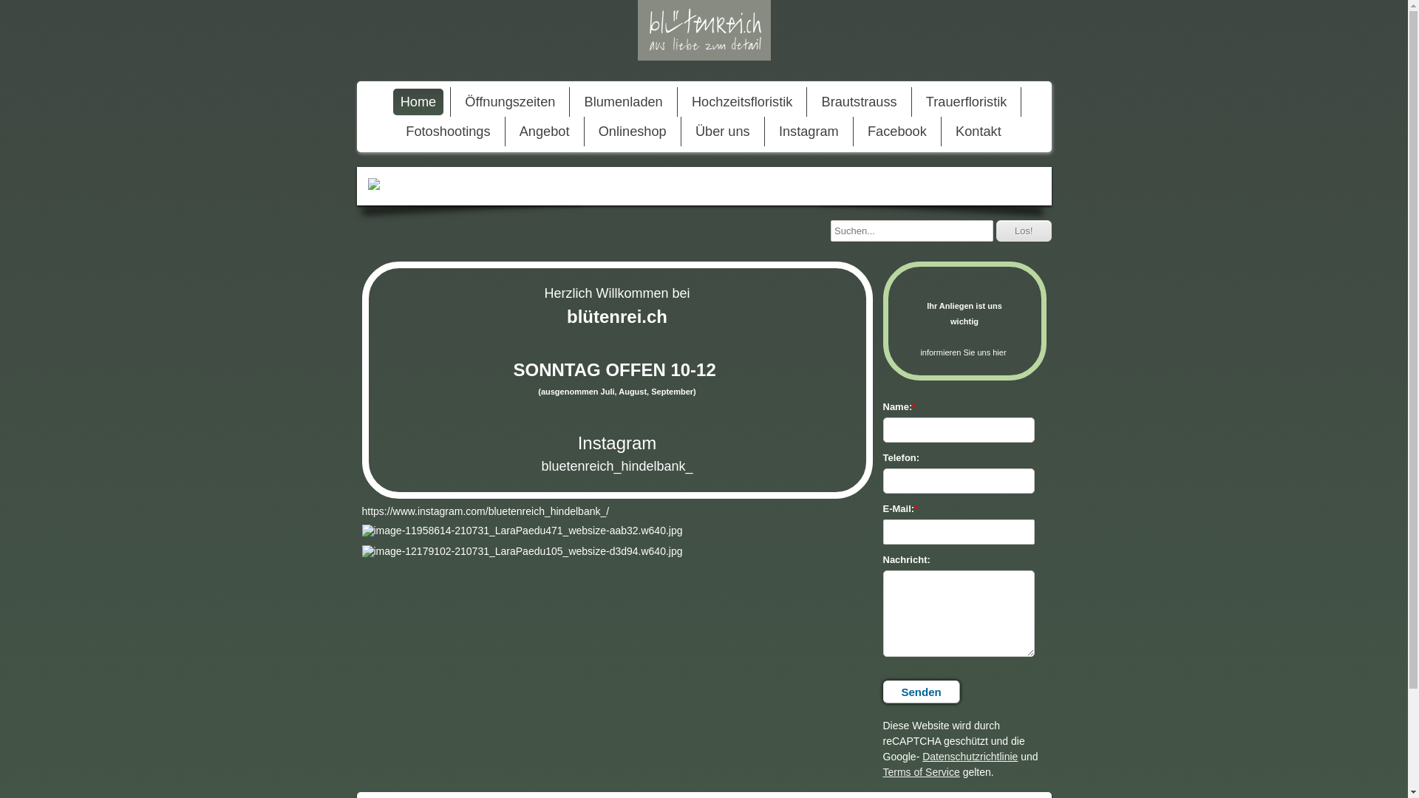 This screenshot has height=798, width=1419. Describe the element at coordinates (966, 101) in the screenshot. I see `'Trauerfloristik'` at that location.